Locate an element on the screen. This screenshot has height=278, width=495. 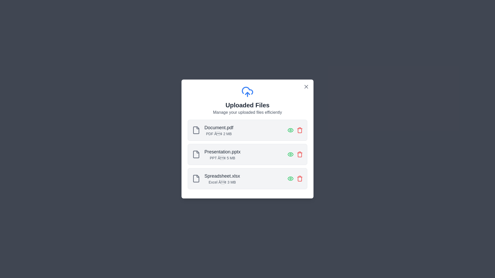
the static text element that displays the file type (PDF) and size (2 MB) located below 'Document.pdf' in the uploaded files list is located at coordinates (219, 134).